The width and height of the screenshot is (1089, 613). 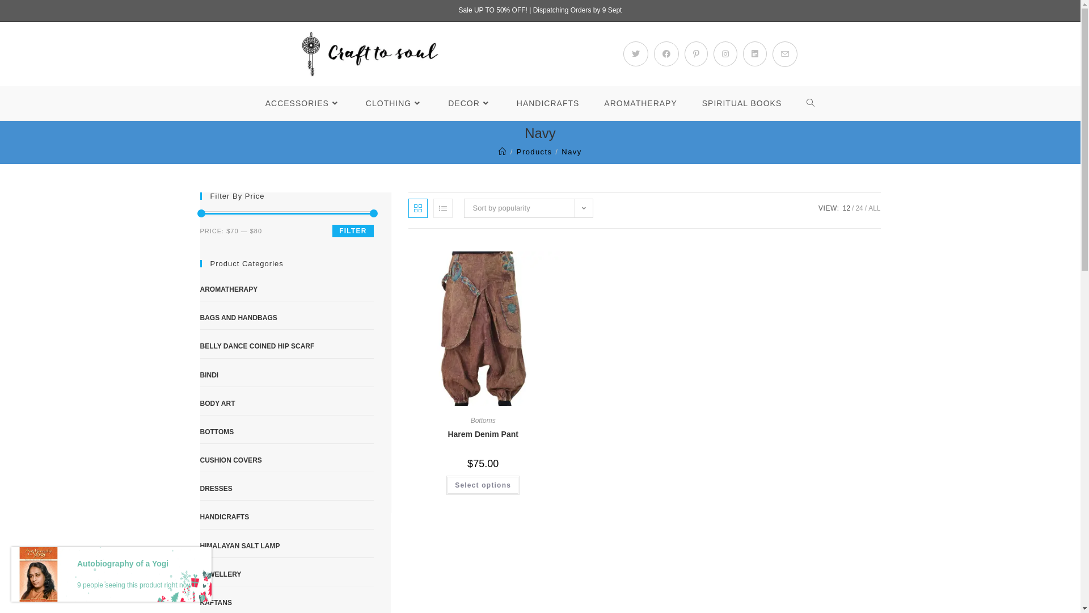 What do you see at coordinates (417, 208) in the screenshot?
I see `'Grid view'` at bounding box center [417, 208].